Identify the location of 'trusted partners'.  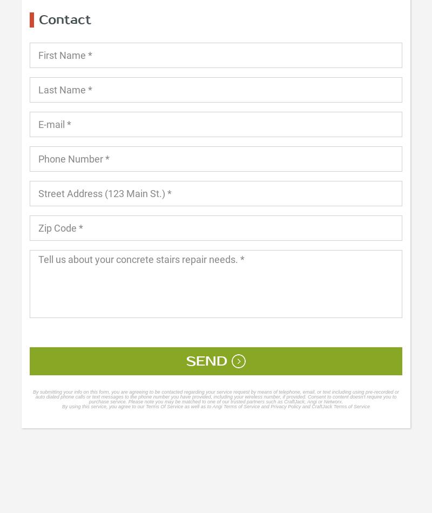
(246, 401).